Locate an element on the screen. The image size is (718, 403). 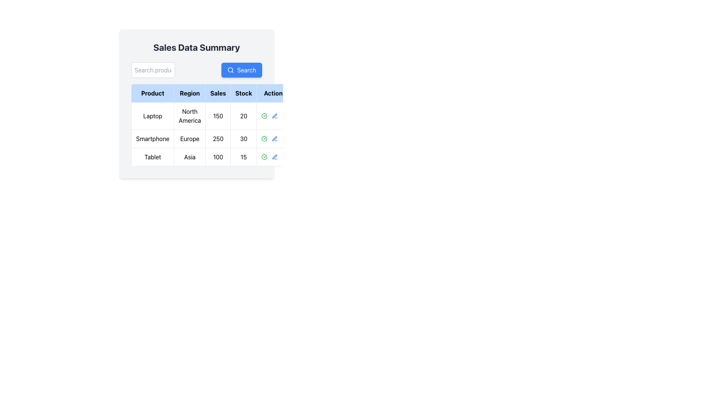
the 'Smartphone' sales data row for the 'Europe' region, located in the second row of the table is located at coordinates (212, 134).